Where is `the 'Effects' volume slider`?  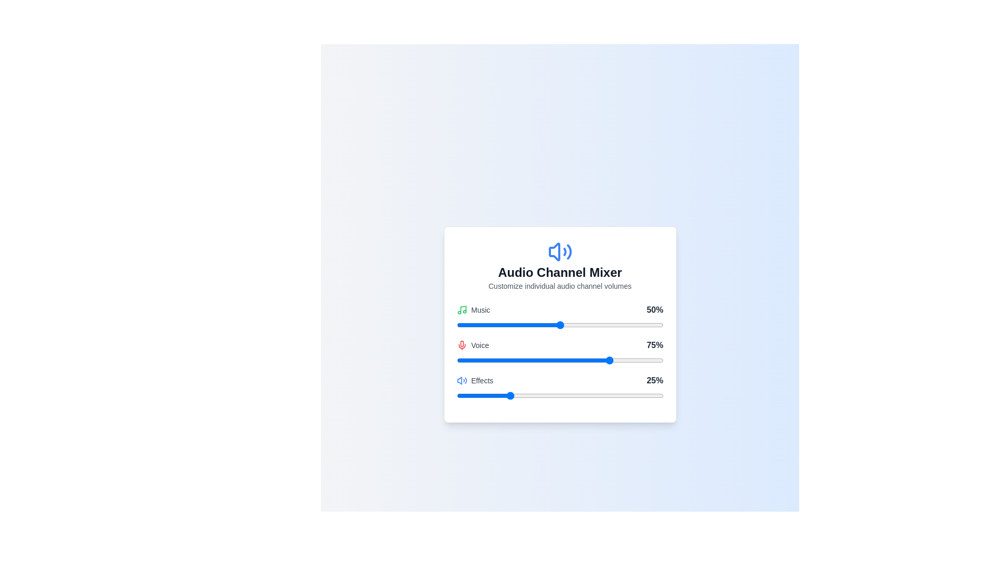
the 'Effects' volume slider is located at coordinates (601, 396).